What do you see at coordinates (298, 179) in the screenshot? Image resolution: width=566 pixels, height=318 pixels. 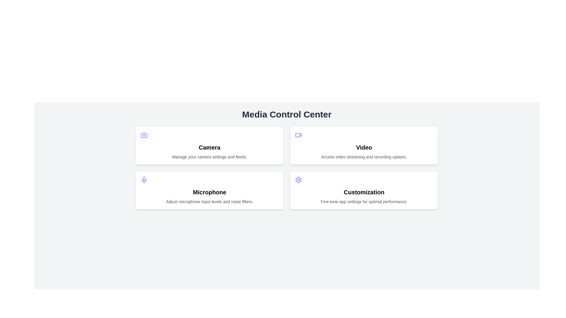 I see `the 'Settings' gear icon located in the top-right corner of the 'Customization' card` at bounding box center [298, 179].